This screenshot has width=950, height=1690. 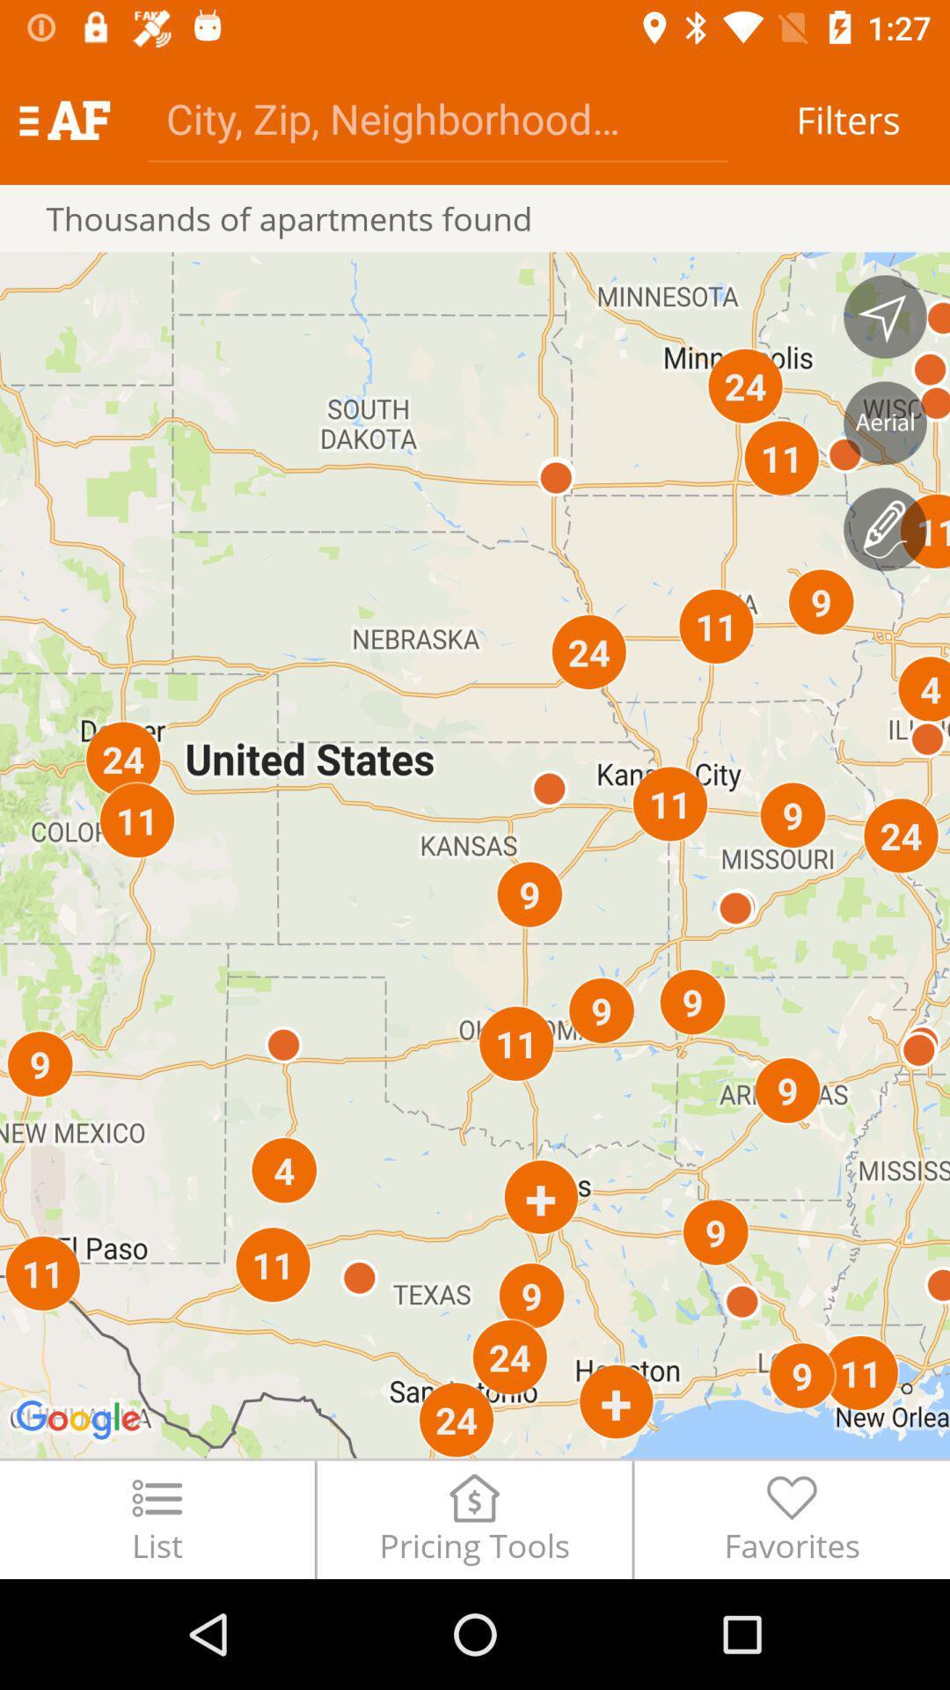 What do you see at coordinates (156, 1518) in the screenshot?
I see `item next to pricing tools icon` at bounding box center [156, 1518].